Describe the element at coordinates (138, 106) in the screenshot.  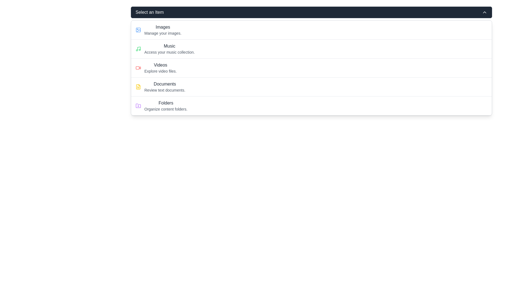
I see `the 'Folders' icon in the menu list, which is positioned to the left of the 'Folders' label, located at the bottom-most entry of the vertical list` at that location.